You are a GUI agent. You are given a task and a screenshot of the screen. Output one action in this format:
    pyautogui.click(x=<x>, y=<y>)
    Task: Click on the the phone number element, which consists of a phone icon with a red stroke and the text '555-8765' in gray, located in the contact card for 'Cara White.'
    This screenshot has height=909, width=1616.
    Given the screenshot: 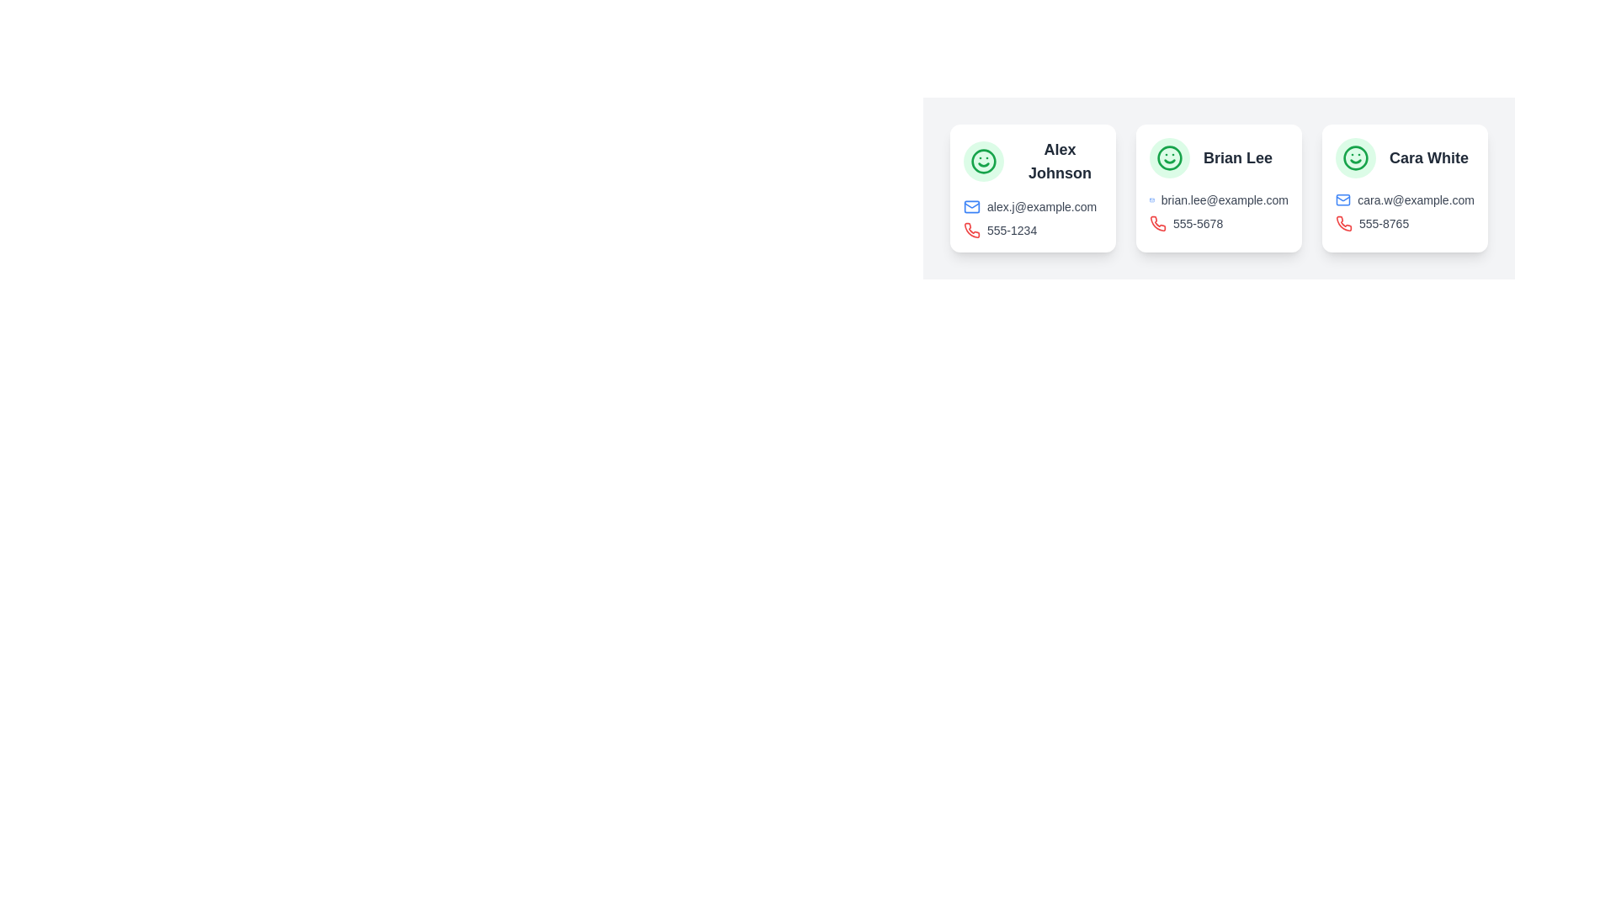 What is the action you would take?
    pyautogui.click(x=1405, y=223)
    